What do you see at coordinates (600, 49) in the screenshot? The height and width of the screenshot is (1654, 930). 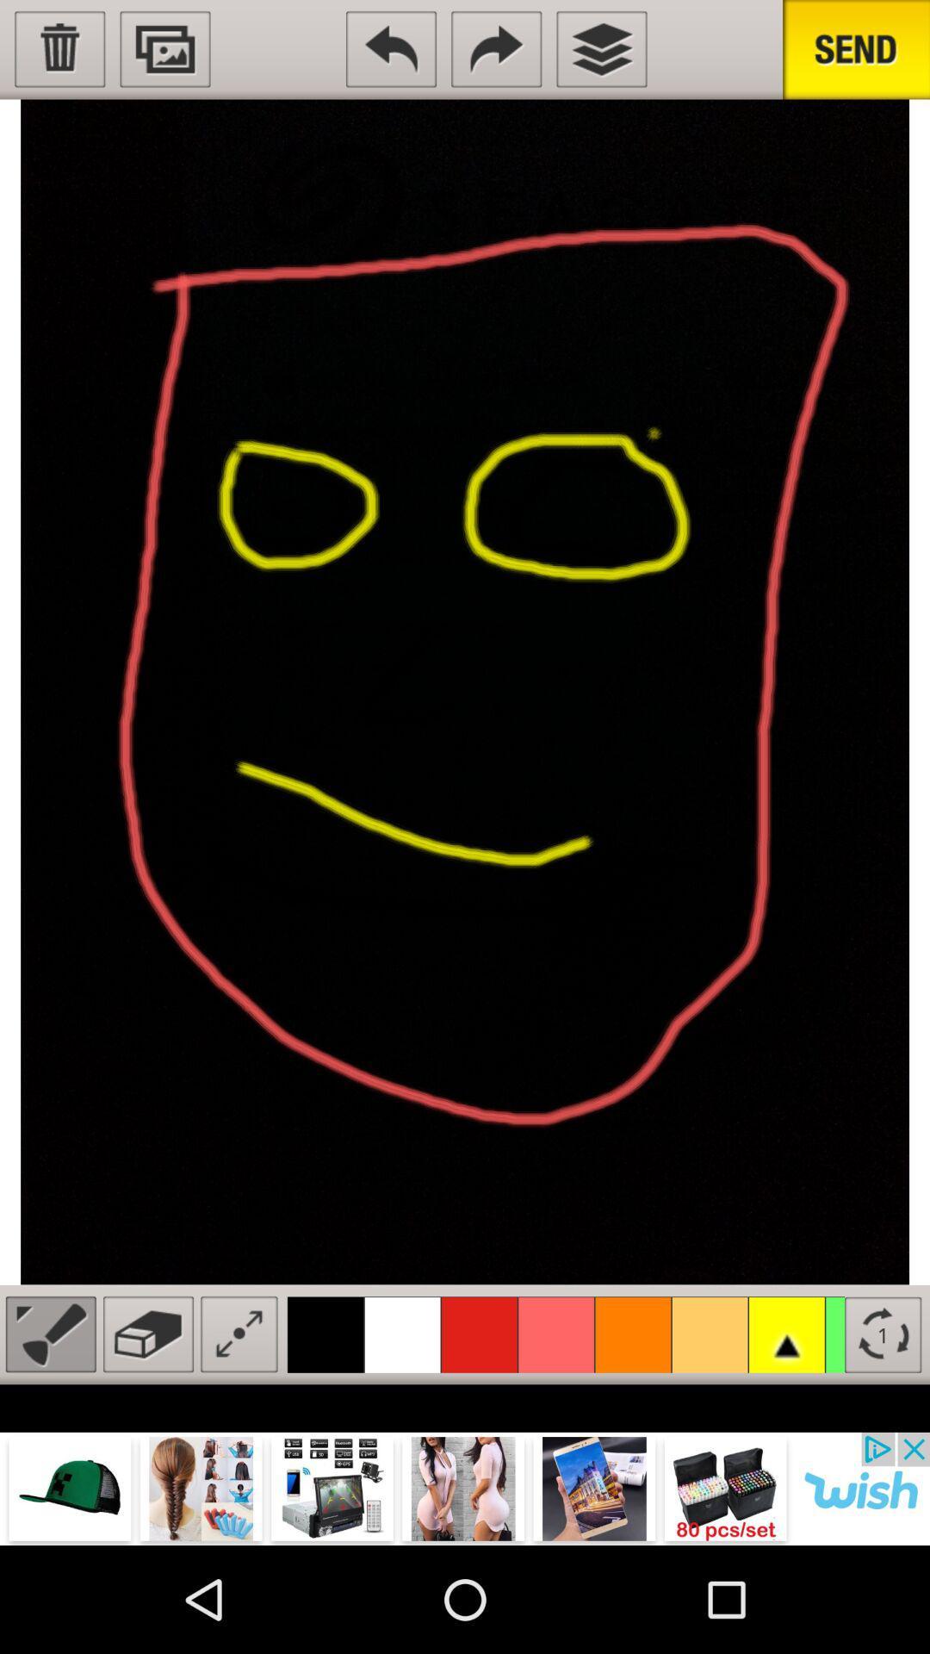 I see `open layers panel` at bounding box center [600, 49].